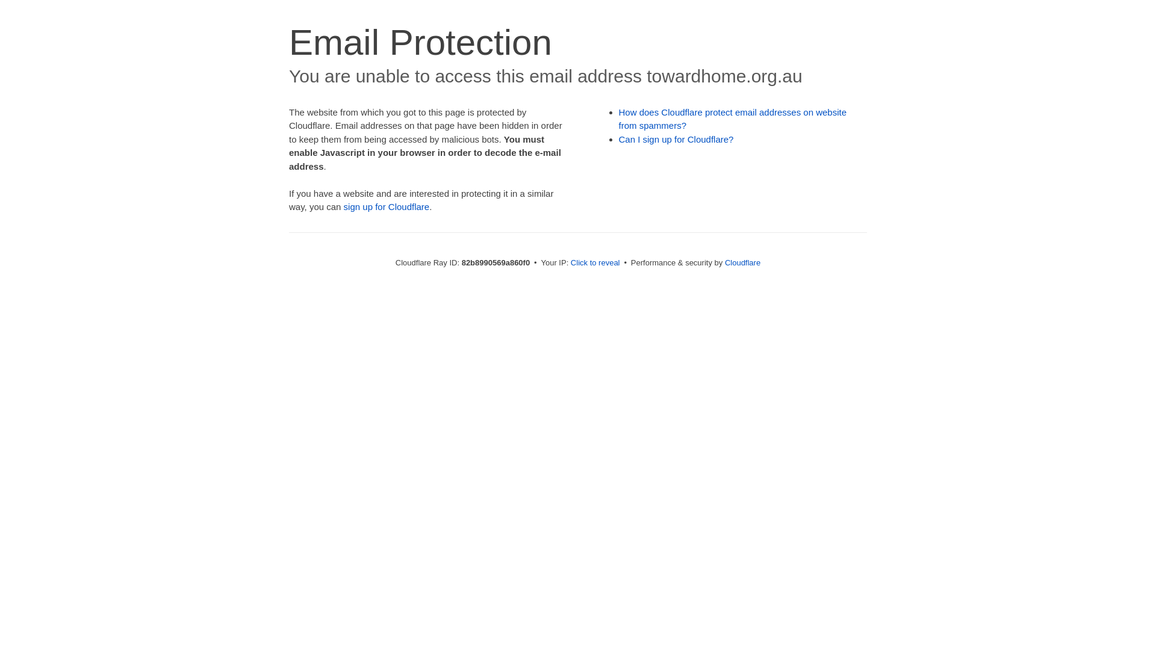 This screenshot has width=1156, height=650. What do you see at coordinates (742, 262) in the screenshot?
I see `'Cloudflare'` at bounding box center [742, 262].